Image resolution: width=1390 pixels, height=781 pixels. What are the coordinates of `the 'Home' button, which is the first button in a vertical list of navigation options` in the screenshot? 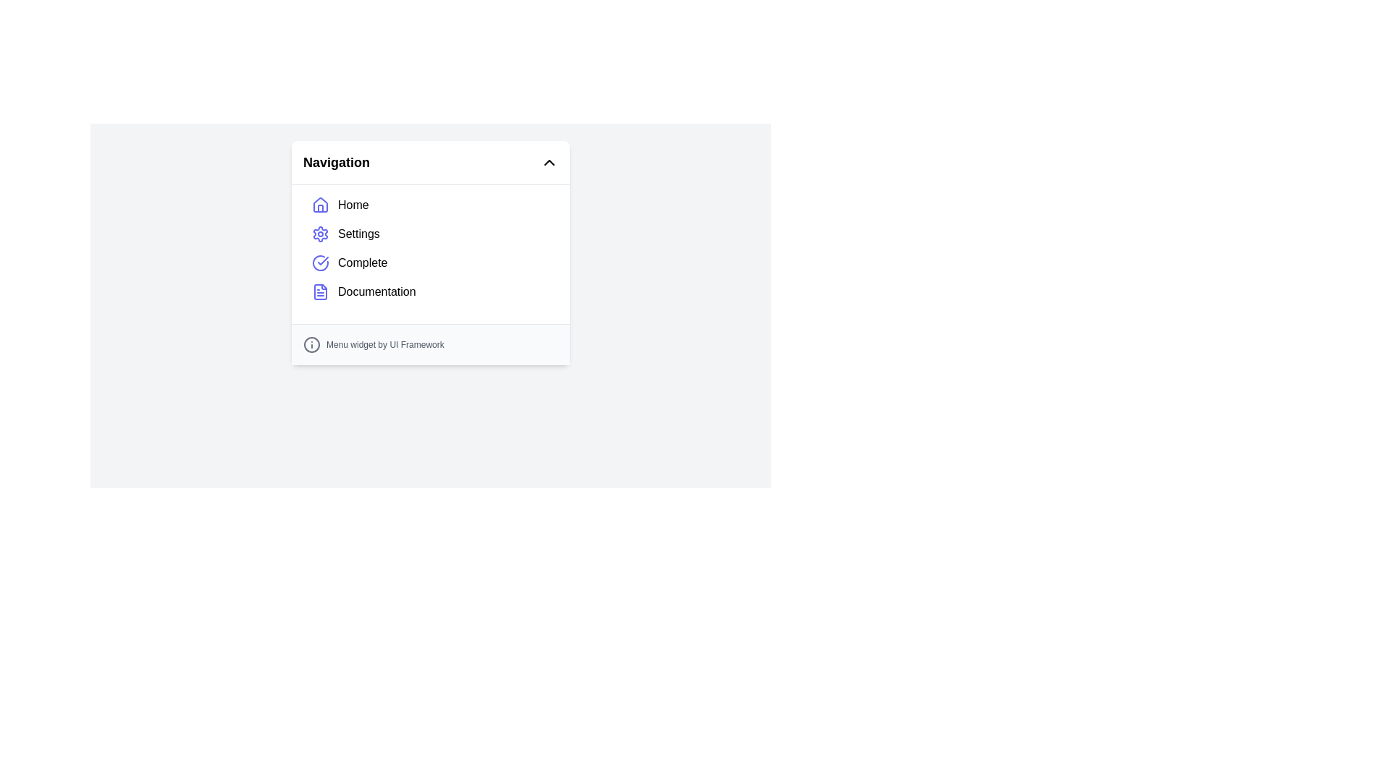 It's located at (430, 205).